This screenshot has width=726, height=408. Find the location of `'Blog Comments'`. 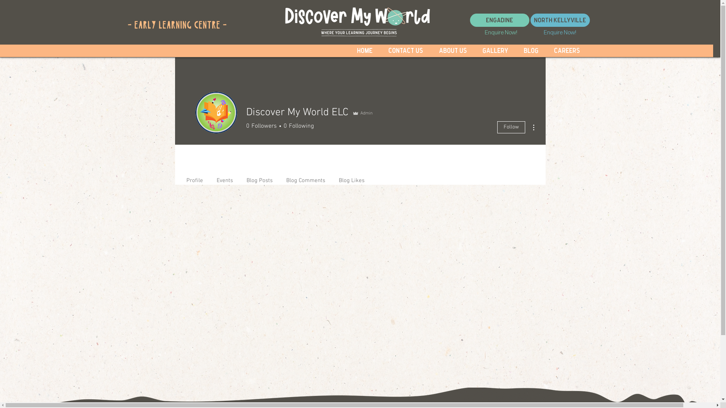

'Blog Comments' is located at coordinates (305, 177).